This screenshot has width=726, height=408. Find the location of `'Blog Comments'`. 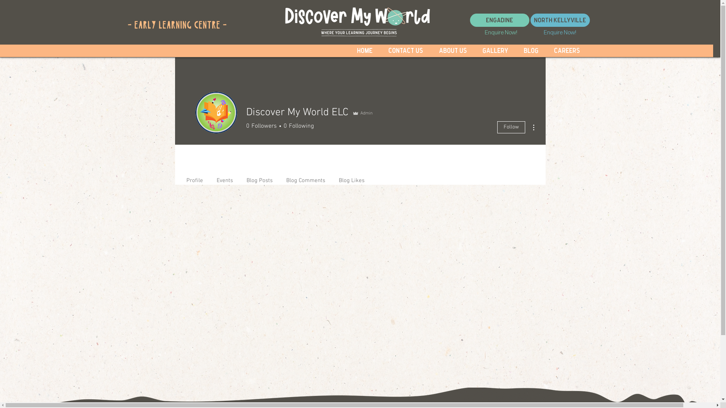

'Blog Comments' is located at coordinates (305, 177).